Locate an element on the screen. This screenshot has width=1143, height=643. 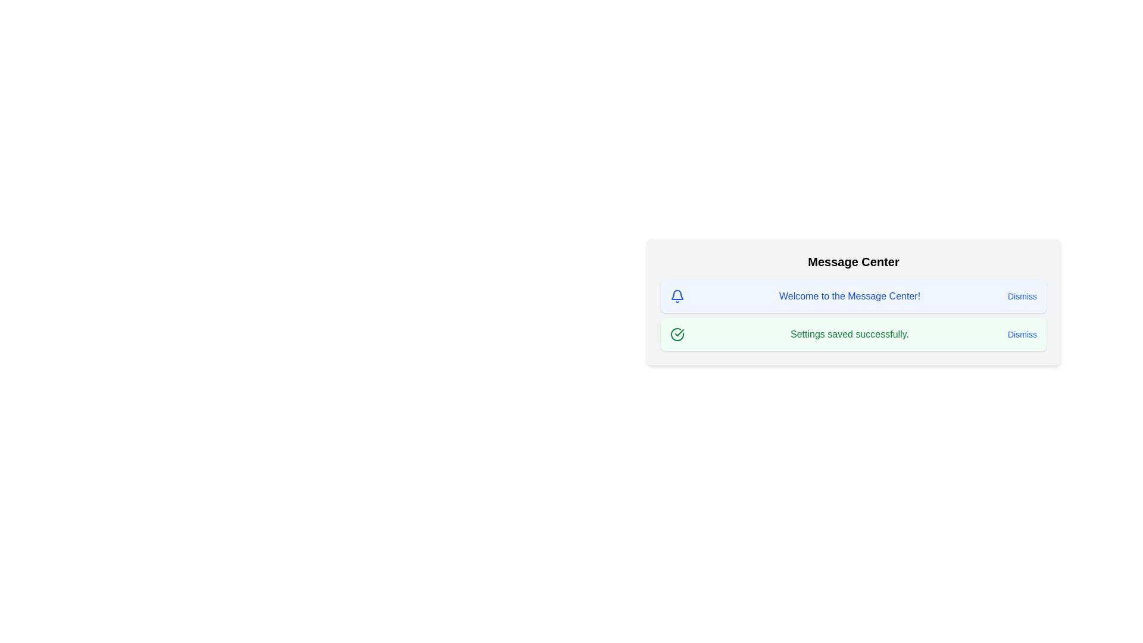
'Dismiss' button for the message labeled 'Settings saved successfully.' is located at coordinates (1022, 335).